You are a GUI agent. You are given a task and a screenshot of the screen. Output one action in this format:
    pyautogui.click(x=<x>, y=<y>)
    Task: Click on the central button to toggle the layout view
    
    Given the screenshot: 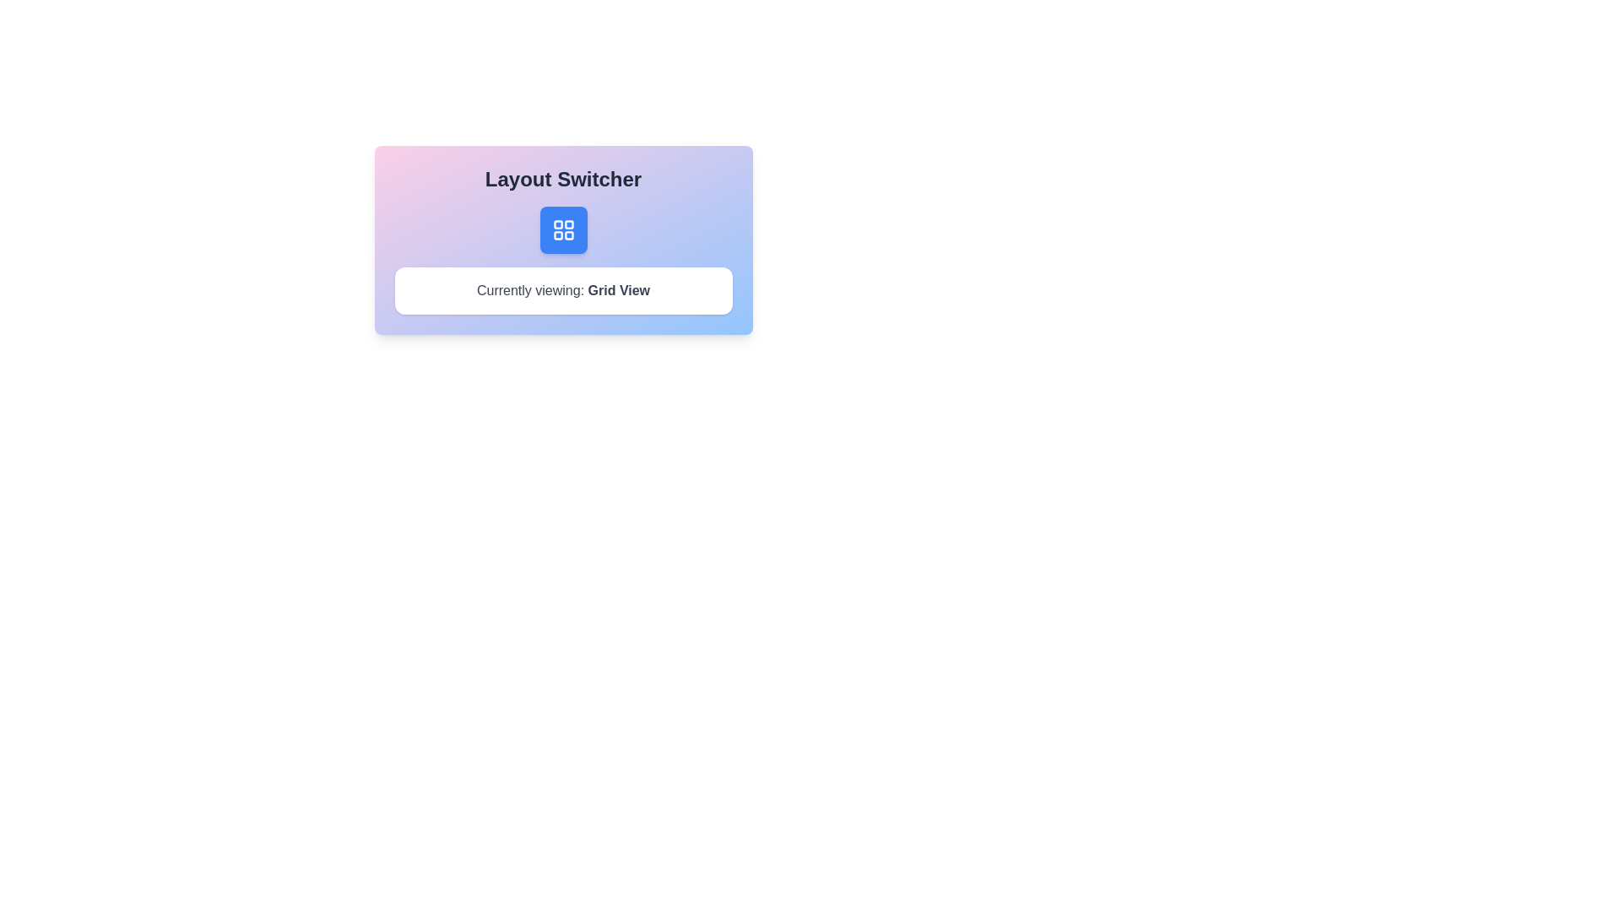 What is the action you would take?
    pyautogui.click(x=563, y=230)
    